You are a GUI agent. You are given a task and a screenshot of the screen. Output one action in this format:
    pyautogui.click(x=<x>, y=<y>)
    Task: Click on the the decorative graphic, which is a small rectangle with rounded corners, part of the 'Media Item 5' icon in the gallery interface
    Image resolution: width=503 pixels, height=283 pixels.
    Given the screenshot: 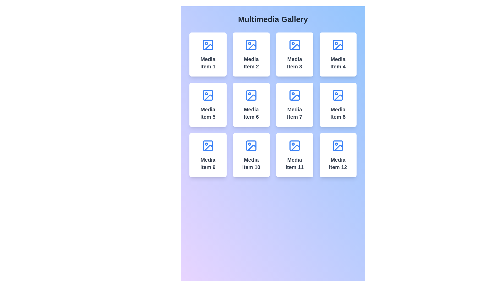 What is the action you would take?
    pyautogui.click(x=207, y=95)
    